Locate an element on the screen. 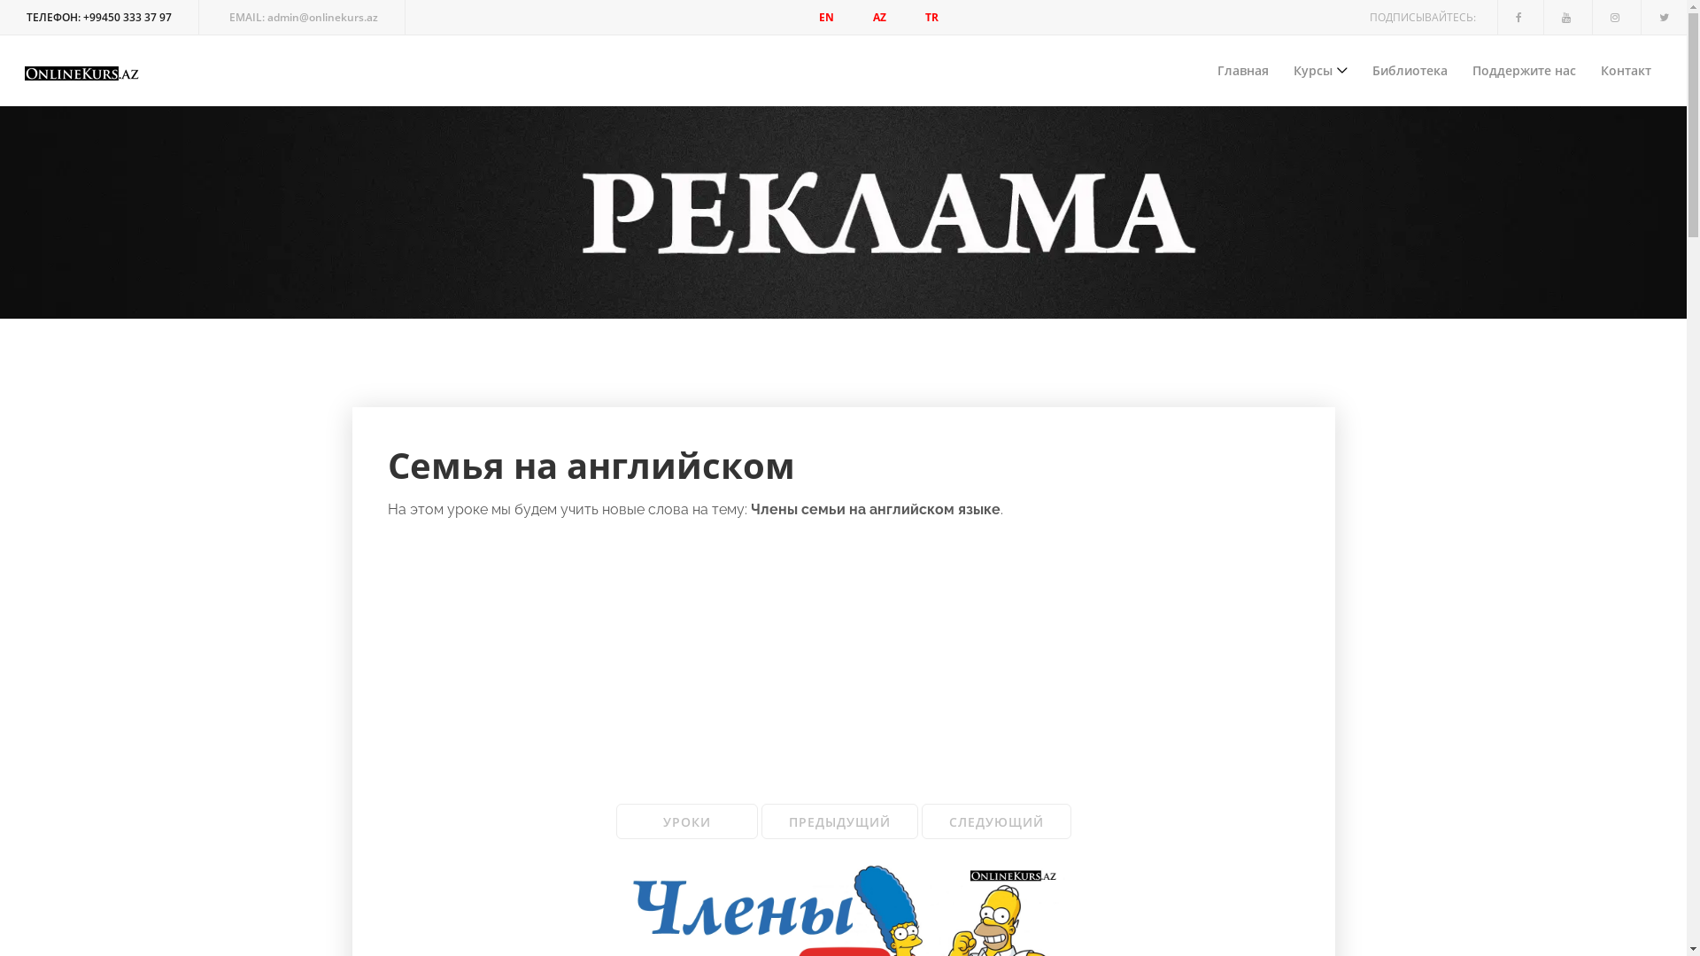 This screenshot has width=1700, height=956. 'EMAIL: admin@onlinekurs.az' is located at coordinates (304, 17).